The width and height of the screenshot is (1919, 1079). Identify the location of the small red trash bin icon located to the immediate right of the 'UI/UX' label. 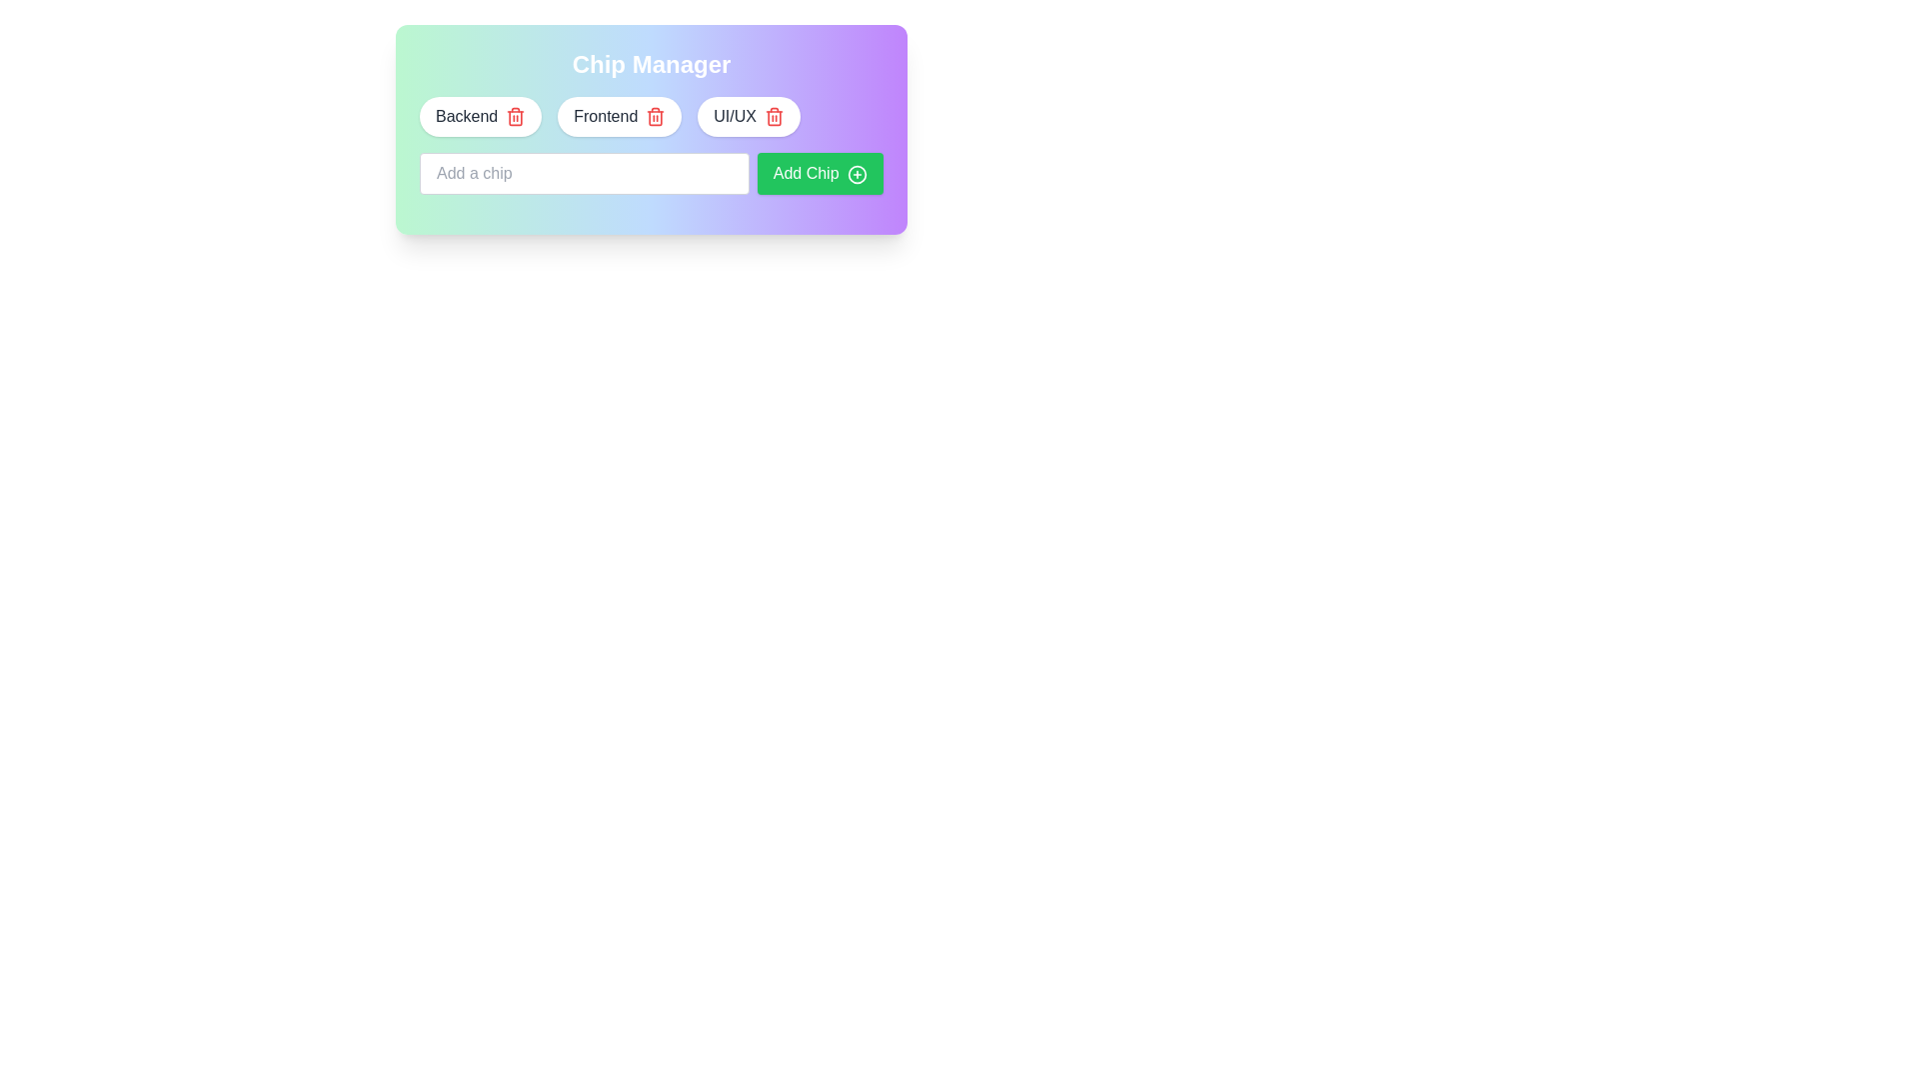
(773, 116).